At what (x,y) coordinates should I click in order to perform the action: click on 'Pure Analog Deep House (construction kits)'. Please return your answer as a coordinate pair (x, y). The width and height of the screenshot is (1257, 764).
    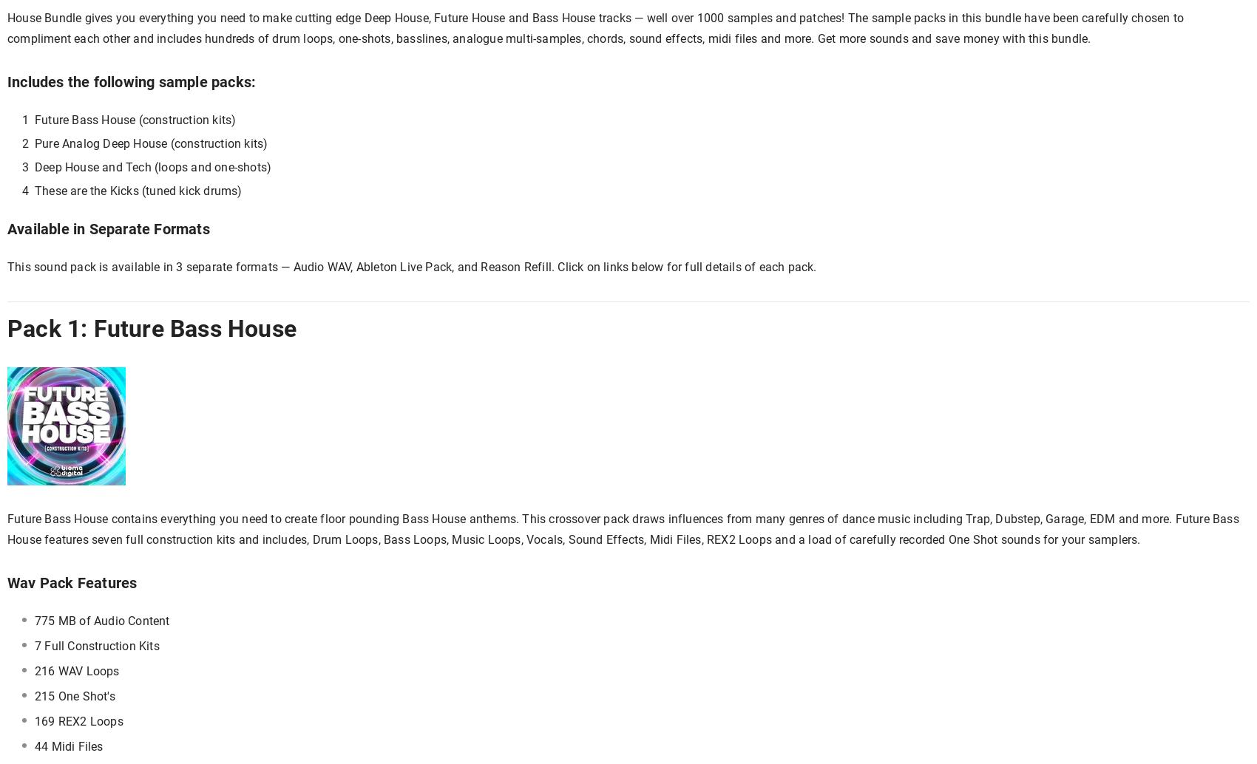
    Looking at the image, I should click on (150, 143).